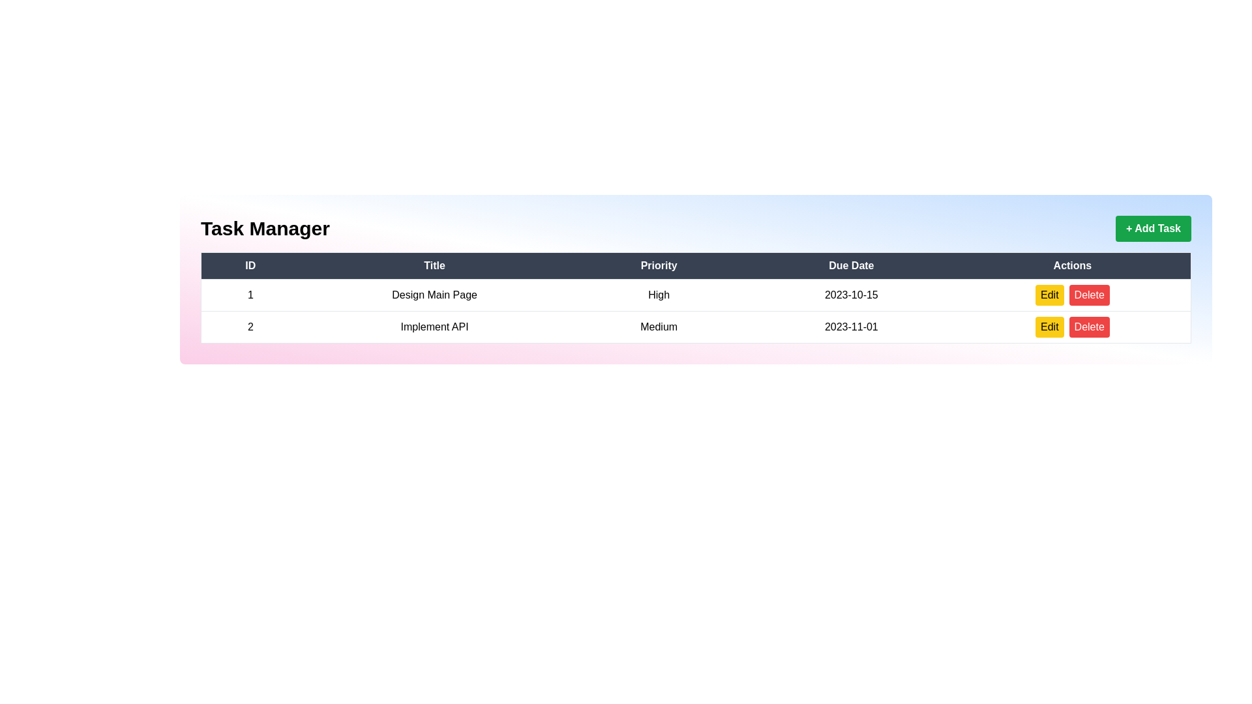 The width and height of the screenshot is (1252, 704). What do you see at coordinates (1049, 295) in the screenshot?
I see `the 'Edit' button, which is a rectangular button with a yellow background and bold black text, located in the 'Actions' column of the first row of a table` at bounding box center [1049, 295].